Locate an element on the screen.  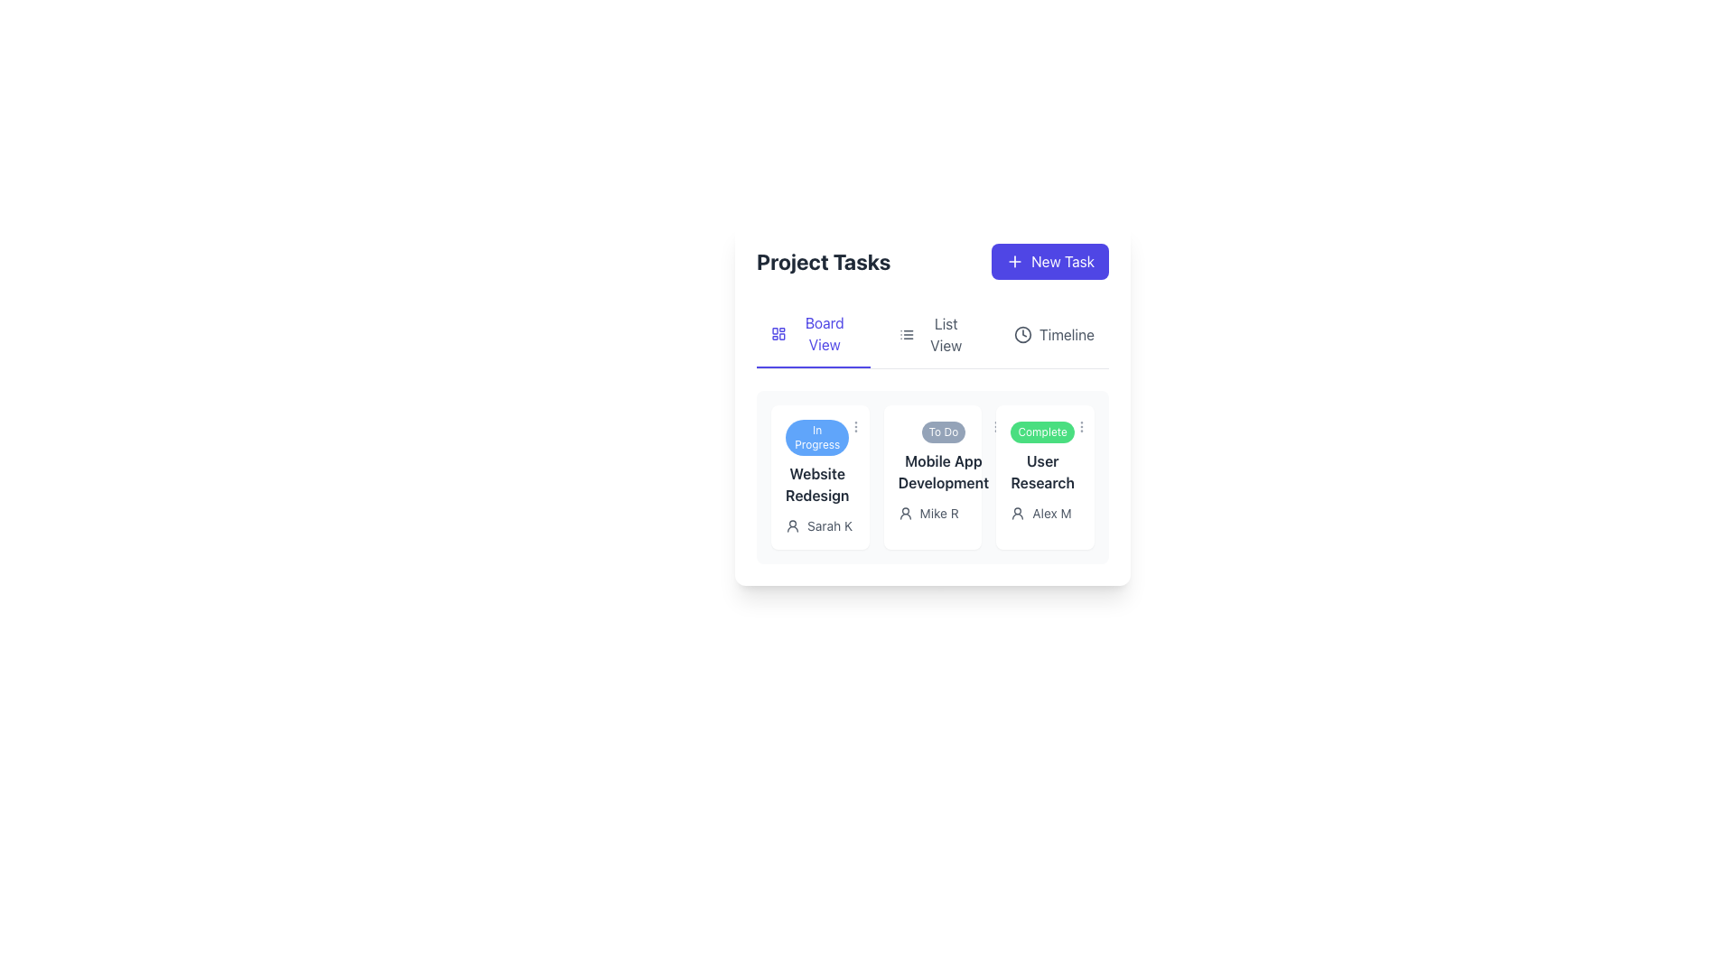
the 'To Do' Information Card located is located at coordinates (932, 403).